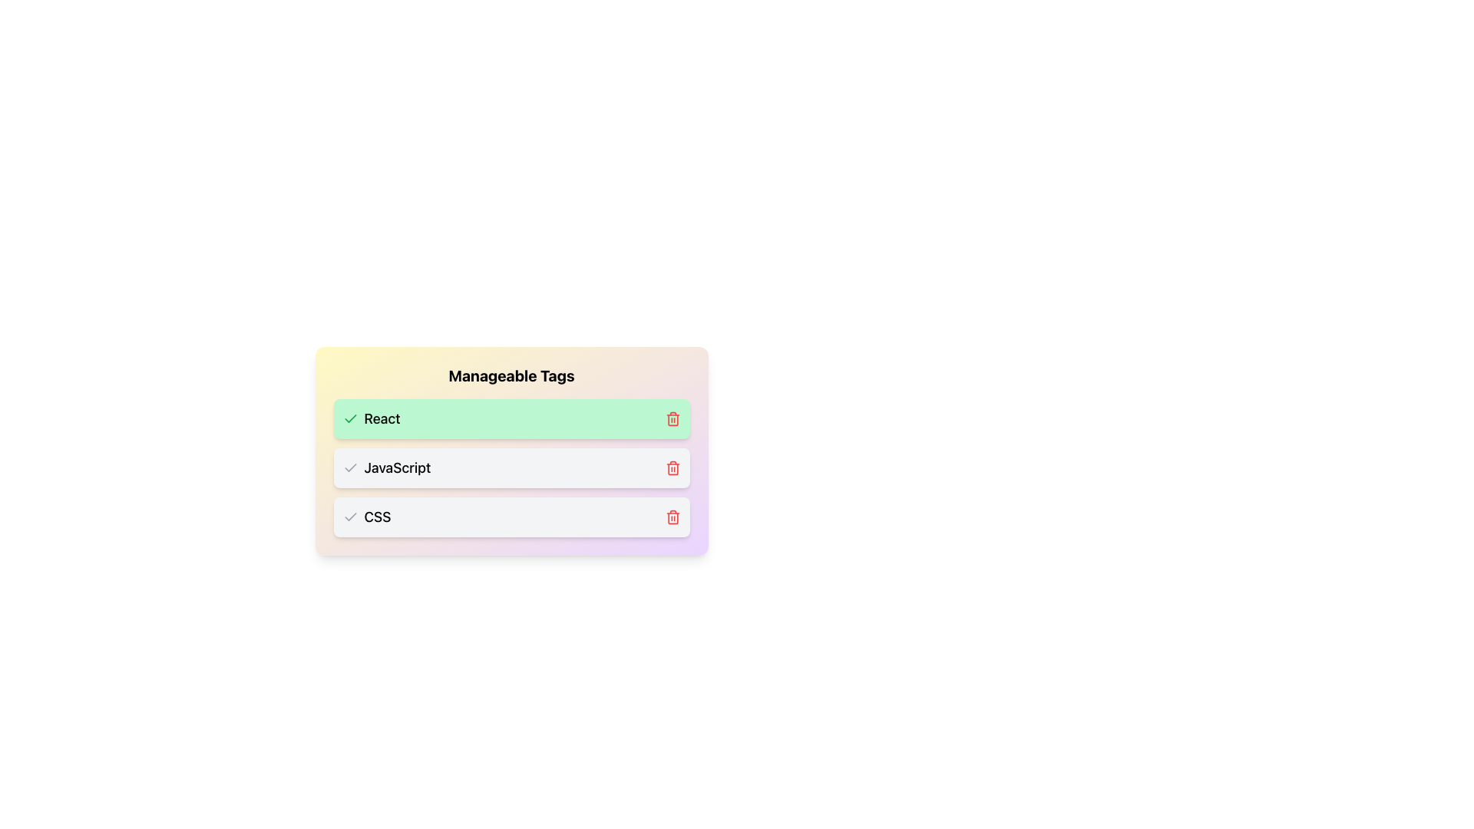  Describe the element at coordinates (349, 419) in the screenshot. I see `the green checkmark icon located to the left of the text 'React' in the 'Manageable Tags' section` at that location.